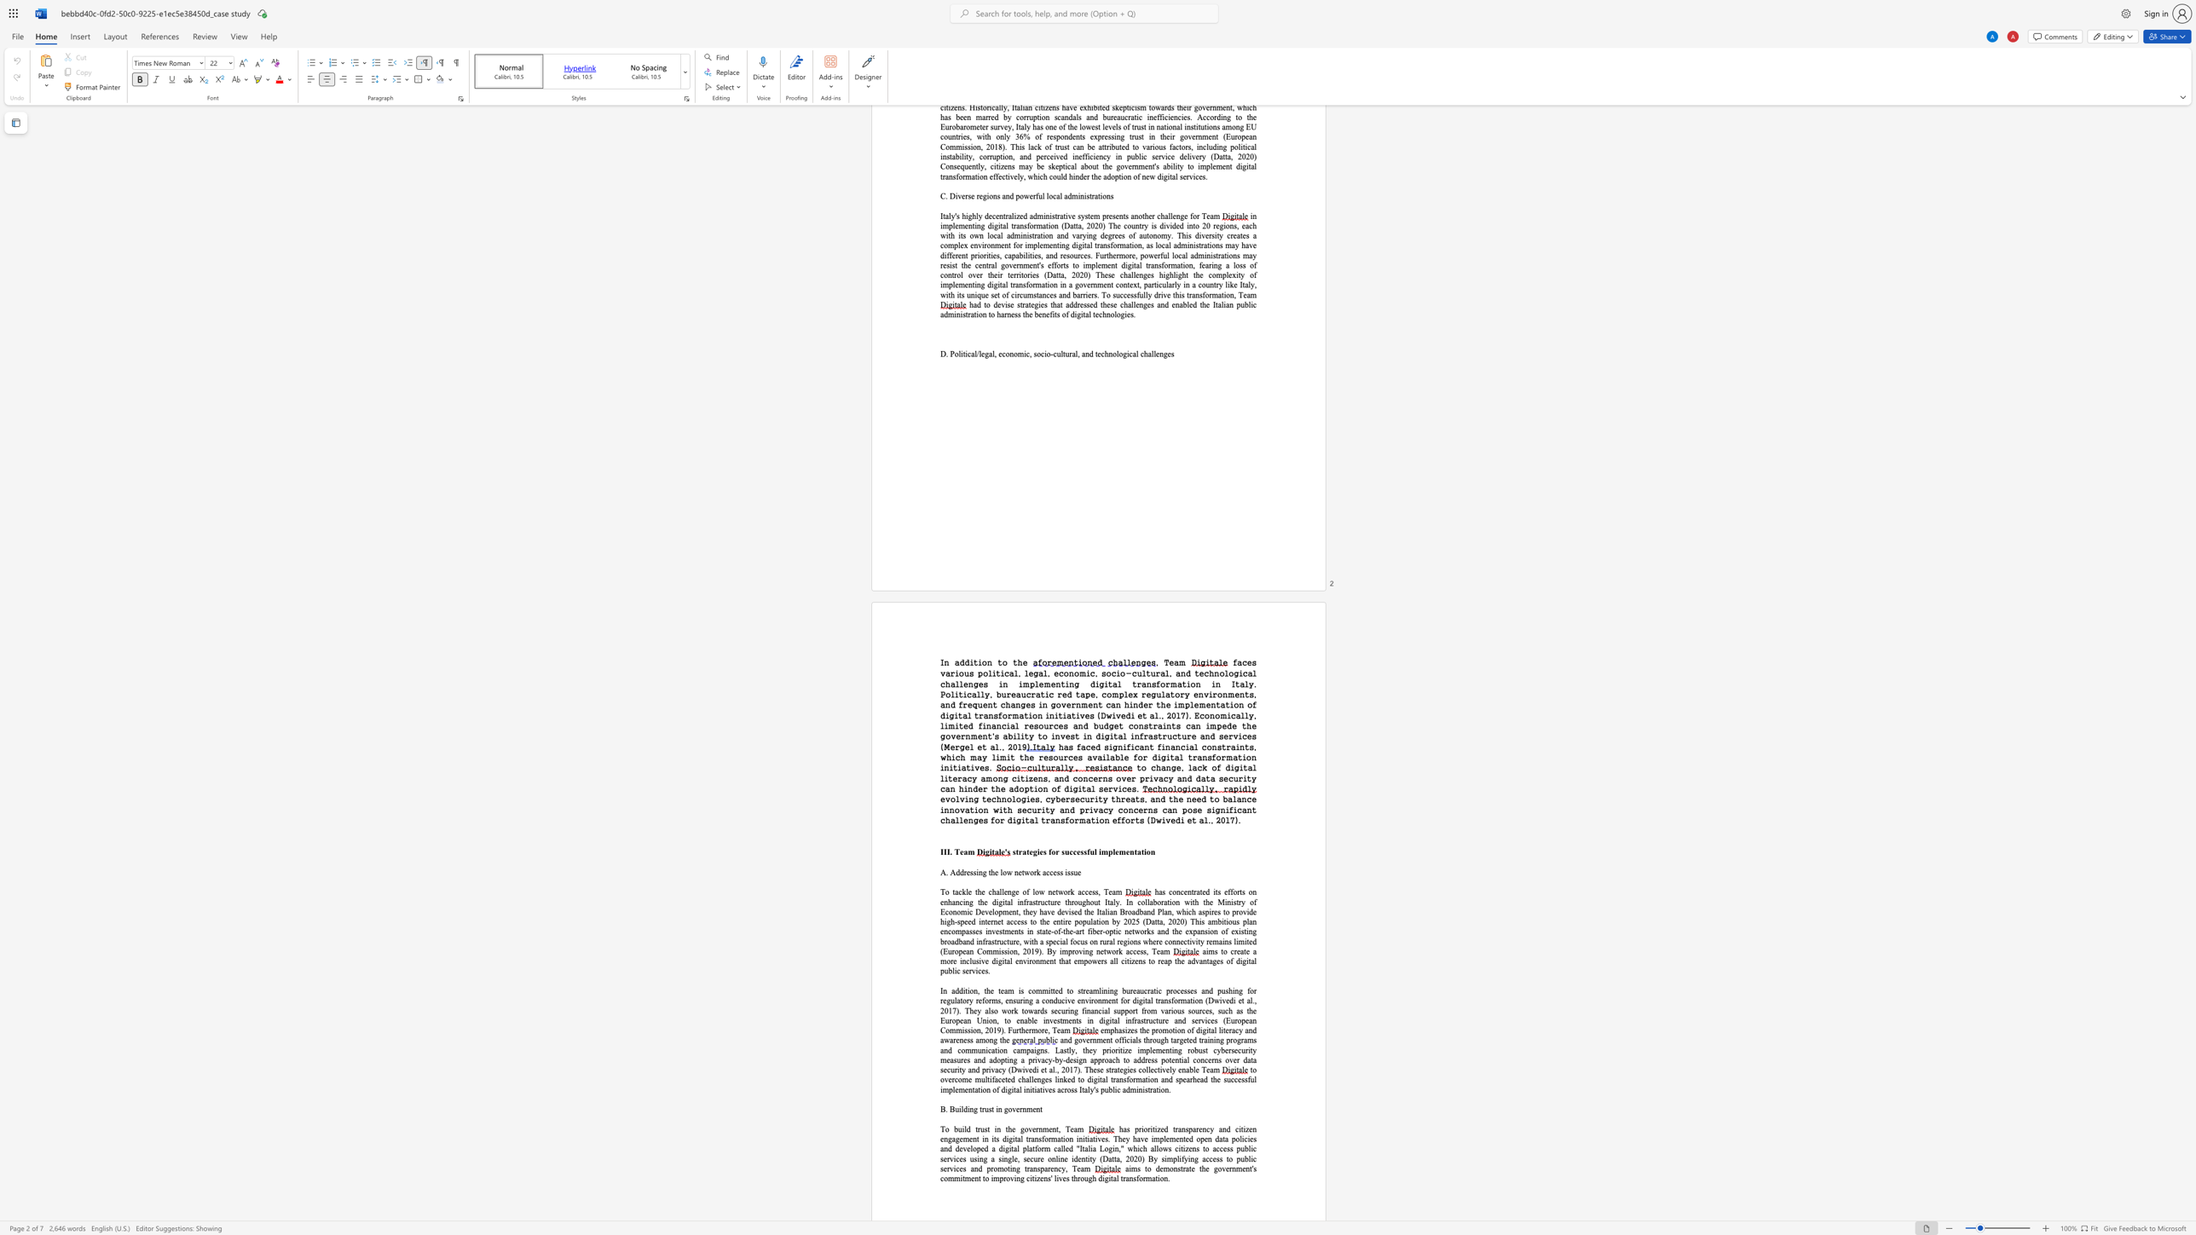  What do you see at coordinates (1058, 1179) in the screenshot?
I see `the subset text "ves through di" within the text "the government"` at bounding box center [1058, 1179].